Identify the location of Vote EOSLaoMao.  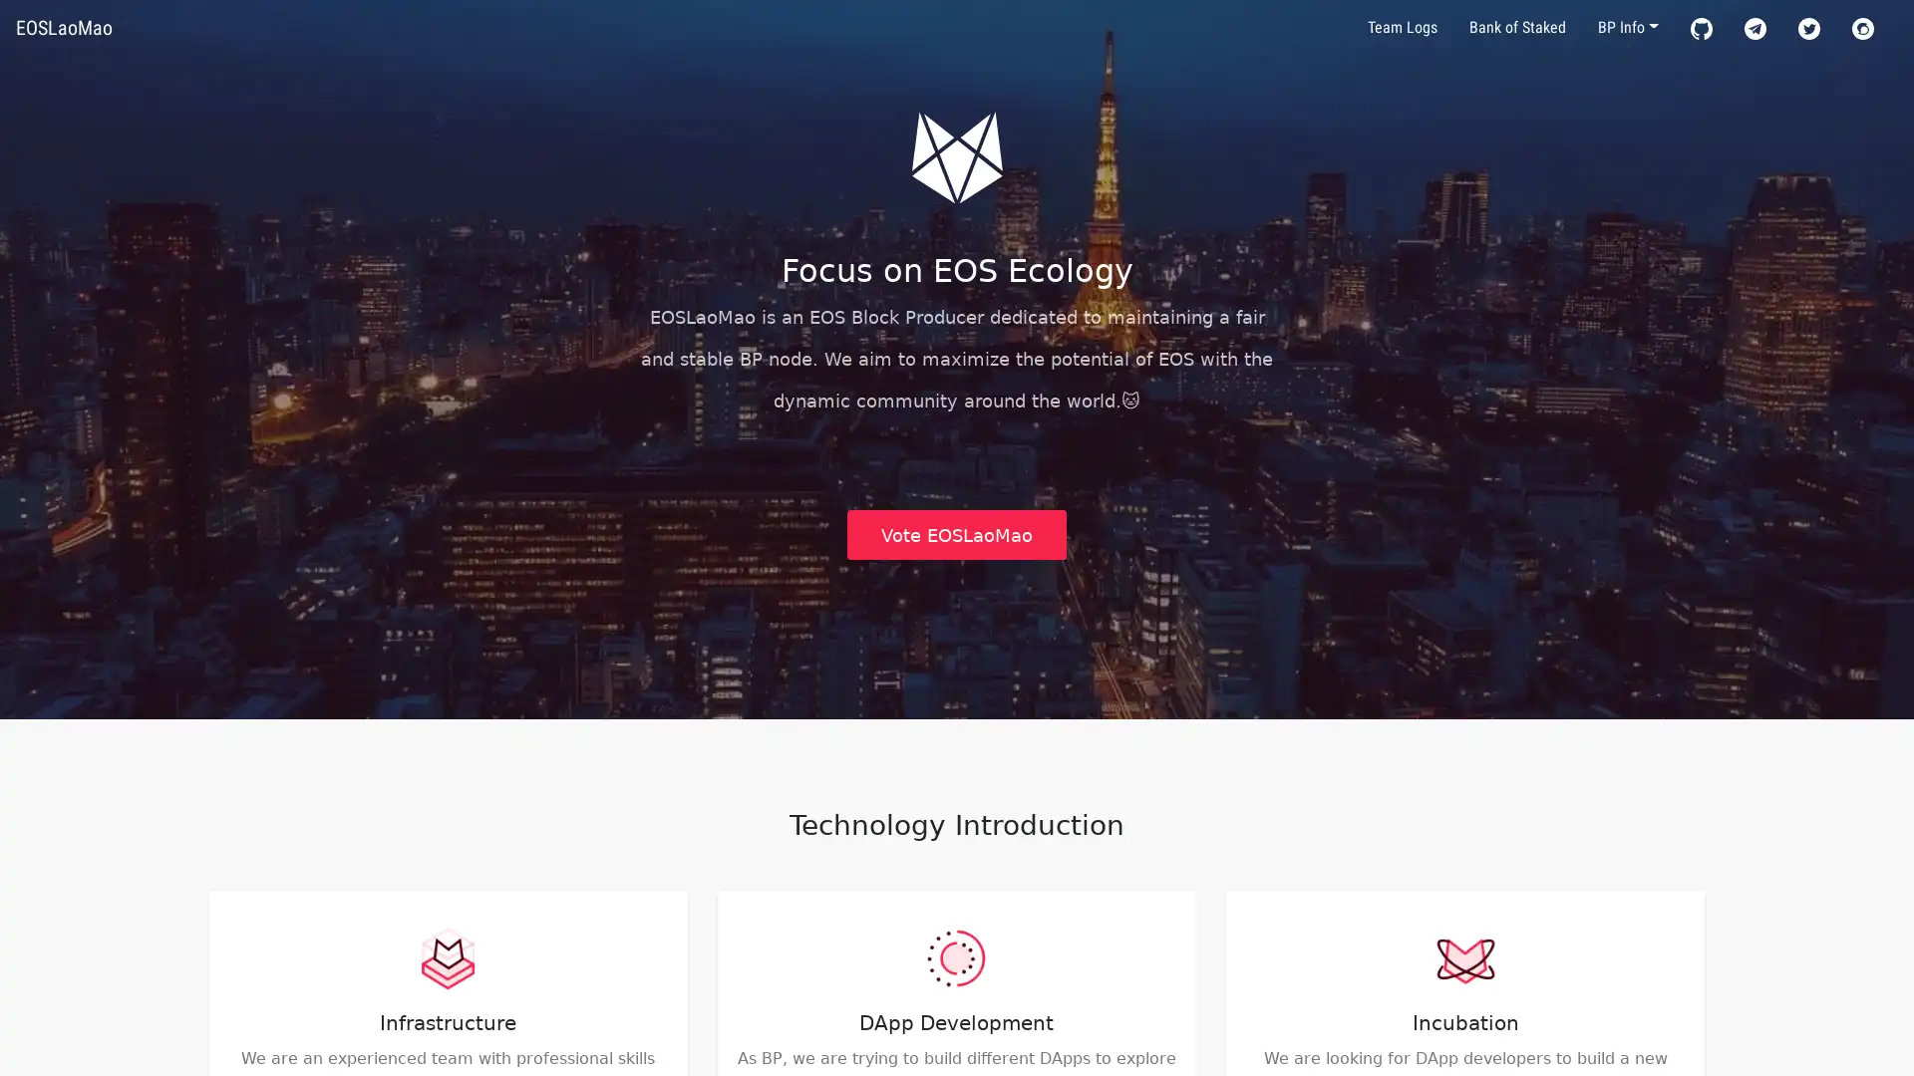
(955, 533).